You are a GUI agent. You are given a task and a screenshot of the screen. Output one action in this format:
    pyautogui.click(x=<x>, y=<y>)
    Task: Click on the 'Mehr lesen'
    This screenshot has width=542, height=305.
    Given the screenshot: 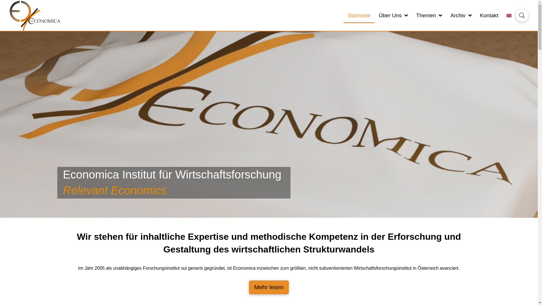 What is the action you would take?
    pyautogui.click(x=268, y=287)
    